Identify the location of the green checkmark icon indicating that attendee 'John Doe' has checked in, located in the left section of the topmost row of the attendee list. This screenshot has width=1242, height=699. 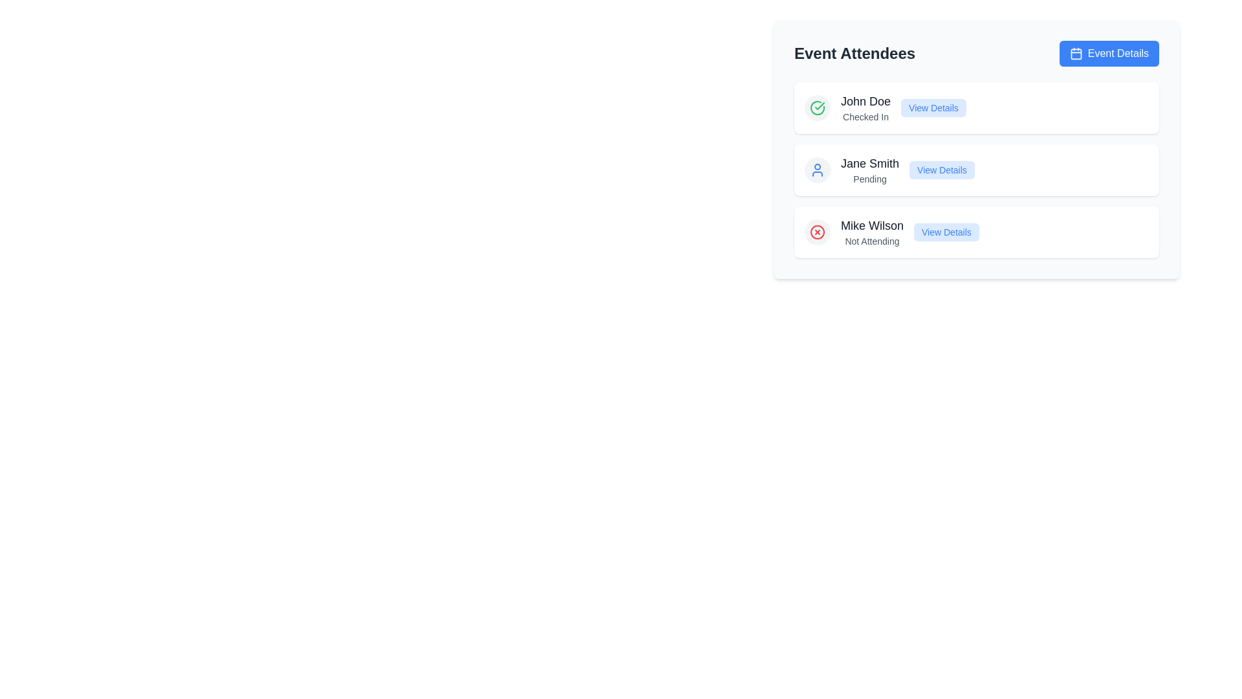
(816, 107).